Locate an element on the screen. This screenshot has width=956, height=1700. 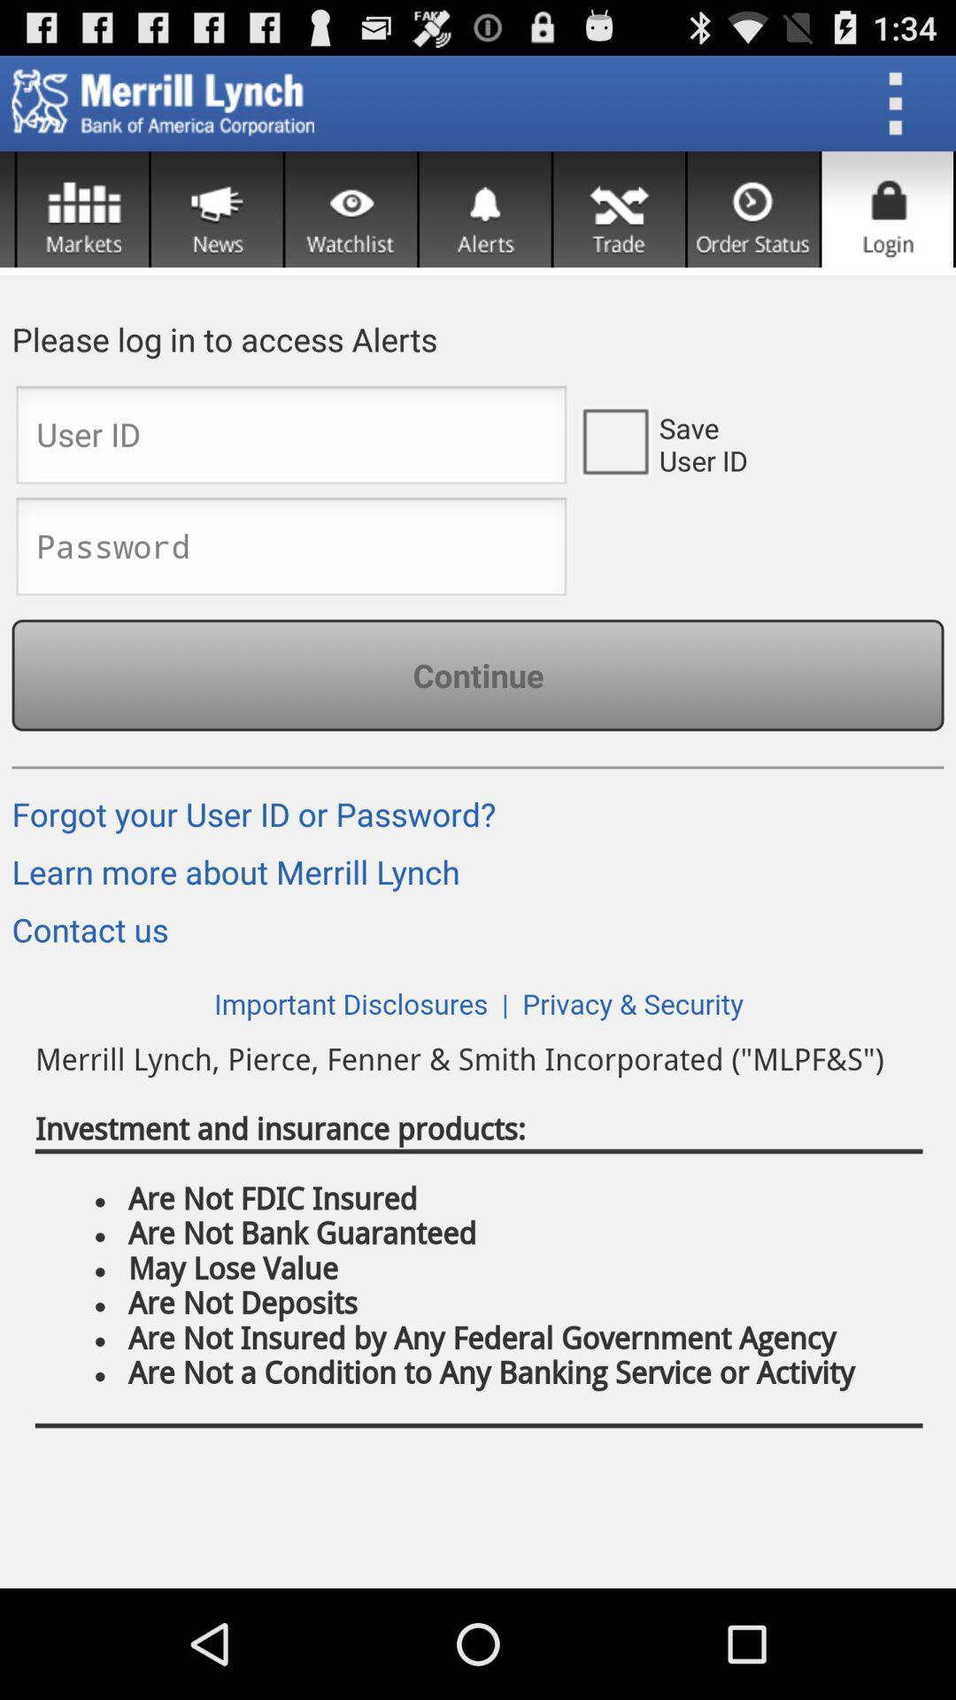
markets icon is located at coordinates (82, 209).